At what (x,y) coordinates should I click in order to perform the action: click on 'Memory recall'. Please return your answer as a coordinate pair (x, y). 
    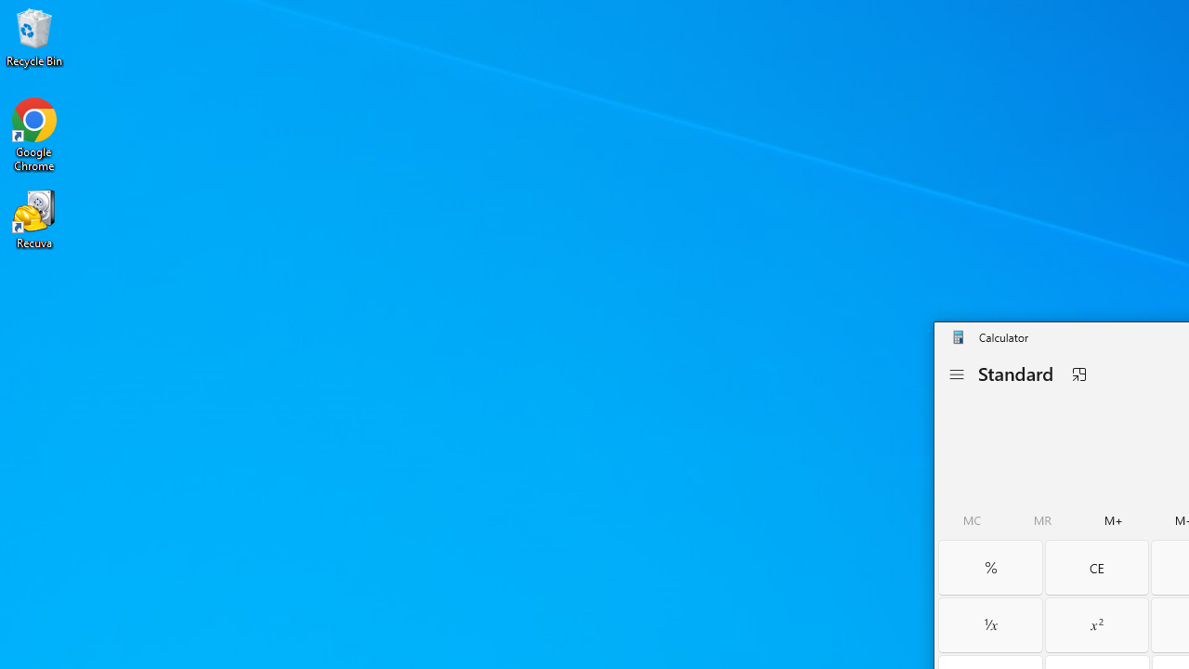
    Looking at the image, I should click on (1042, 520).